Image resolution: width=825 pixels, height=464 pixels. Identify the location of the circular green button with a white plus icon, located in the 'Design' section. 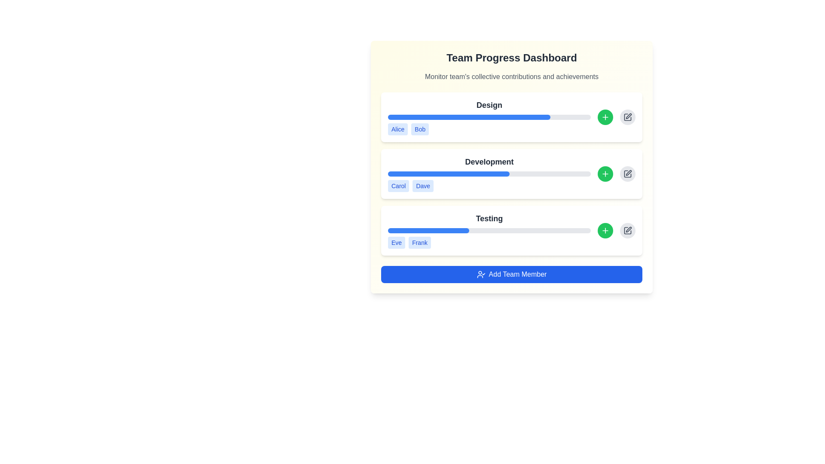
(605, 117).